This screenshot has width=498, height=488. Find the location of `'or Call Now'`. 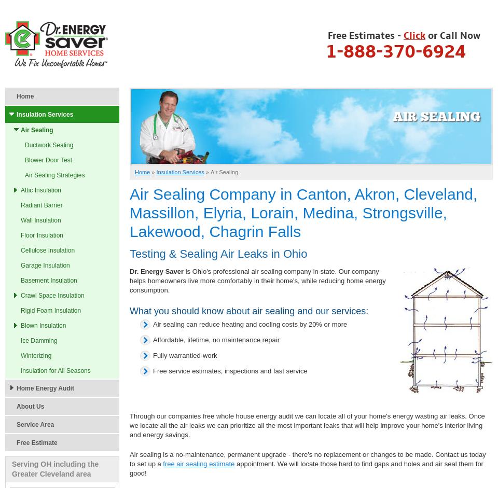

'or Call Now' is located at coordinates (452, 36).